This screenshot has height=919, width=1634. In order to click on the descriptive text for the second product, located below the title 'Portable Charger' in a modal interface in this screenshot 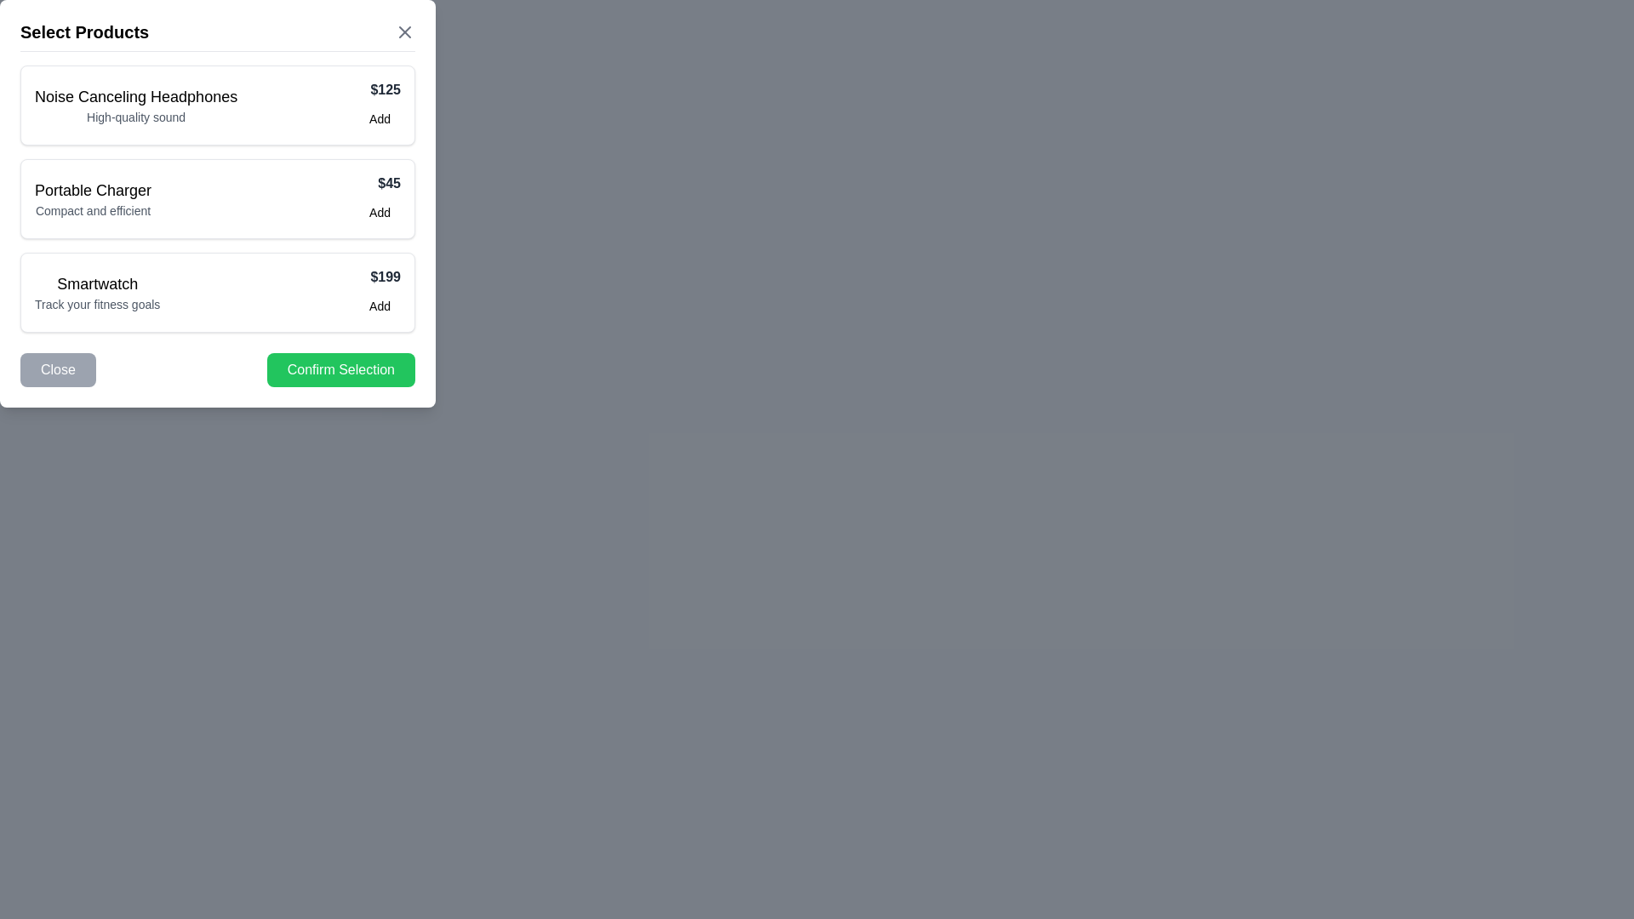, I will do `click(92, 209)`.